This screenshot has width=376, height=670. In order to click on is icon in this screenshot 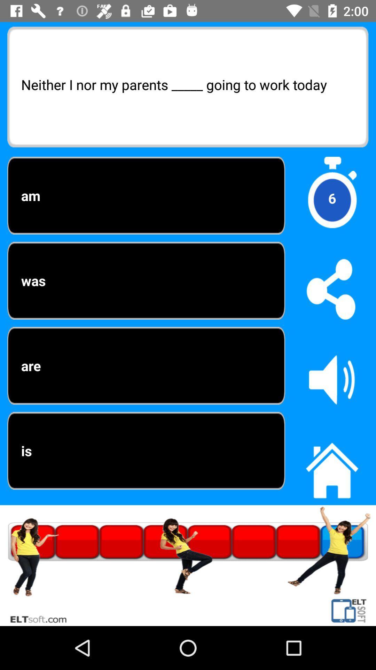, I will do `click(146, 451)`.